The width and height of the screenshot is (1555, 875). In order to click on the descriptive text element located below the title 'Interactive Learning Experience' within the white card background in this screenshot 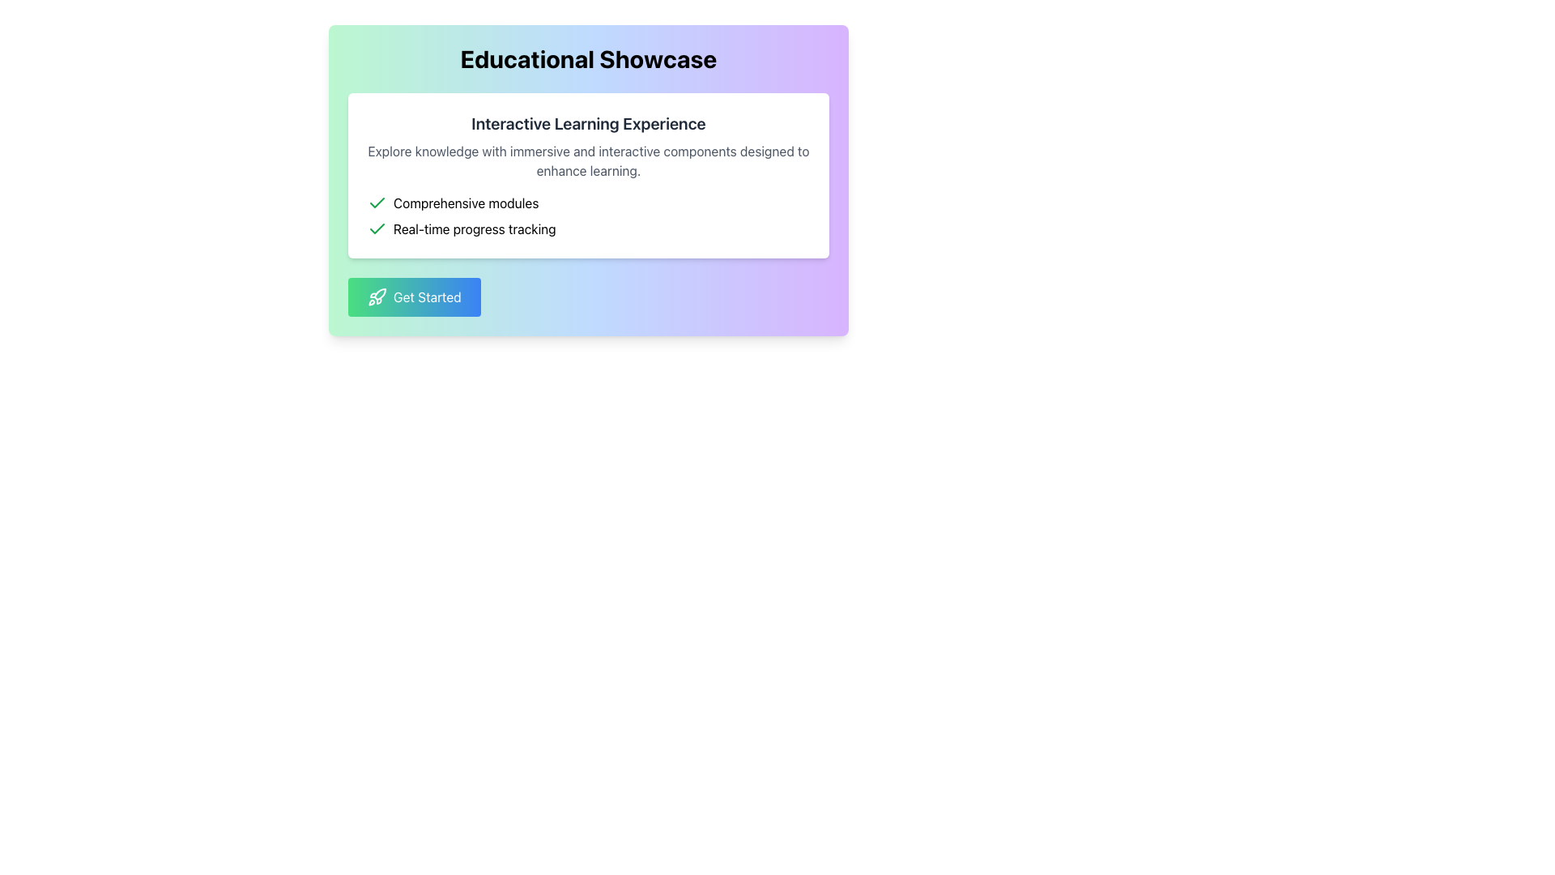, I will do `click(587, 161)`.